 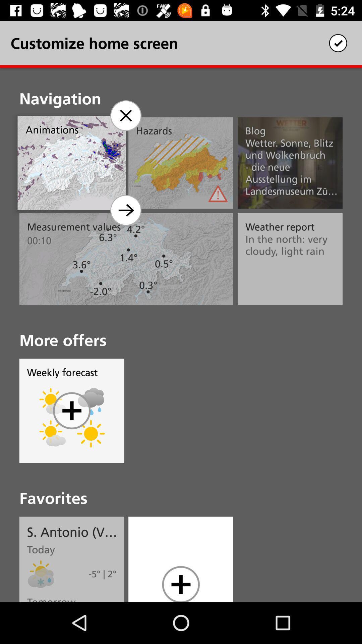 What do you see at coordinates (125, 210) in the screenshot?
I see `home screen option` at bounding box center [125, 210].